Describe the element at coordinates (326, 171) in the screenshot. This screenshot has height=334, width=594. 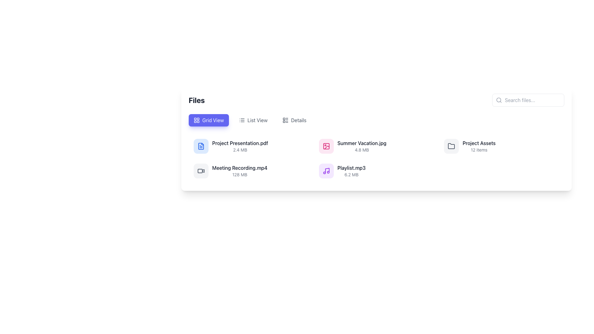
I see `the small purple music note icon located within a rounded rectangular box, situated to the left of the text 'Playlist.mp3' and '6.2 MB'` at that location.